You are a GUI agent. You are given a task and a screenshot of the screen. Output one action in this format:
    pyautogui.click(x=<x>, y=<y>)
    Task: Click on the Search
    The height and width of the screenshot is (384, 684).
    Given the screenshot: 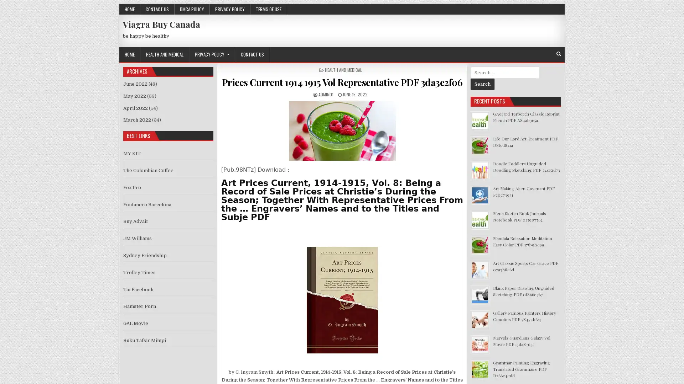 What is the action you would take?
    pyautogui.click(x=482, y=84)
    